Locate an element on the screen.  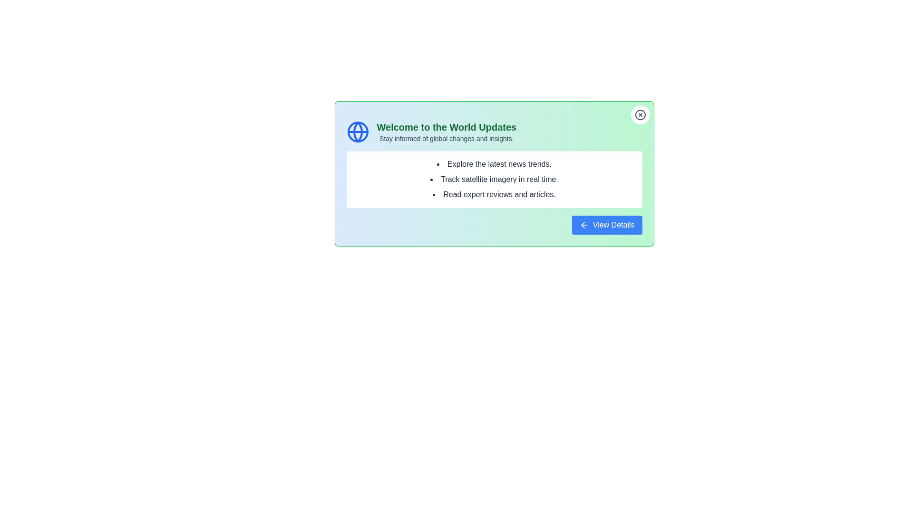
the close button to dismiss the alert is located at coordinates (640, 114).